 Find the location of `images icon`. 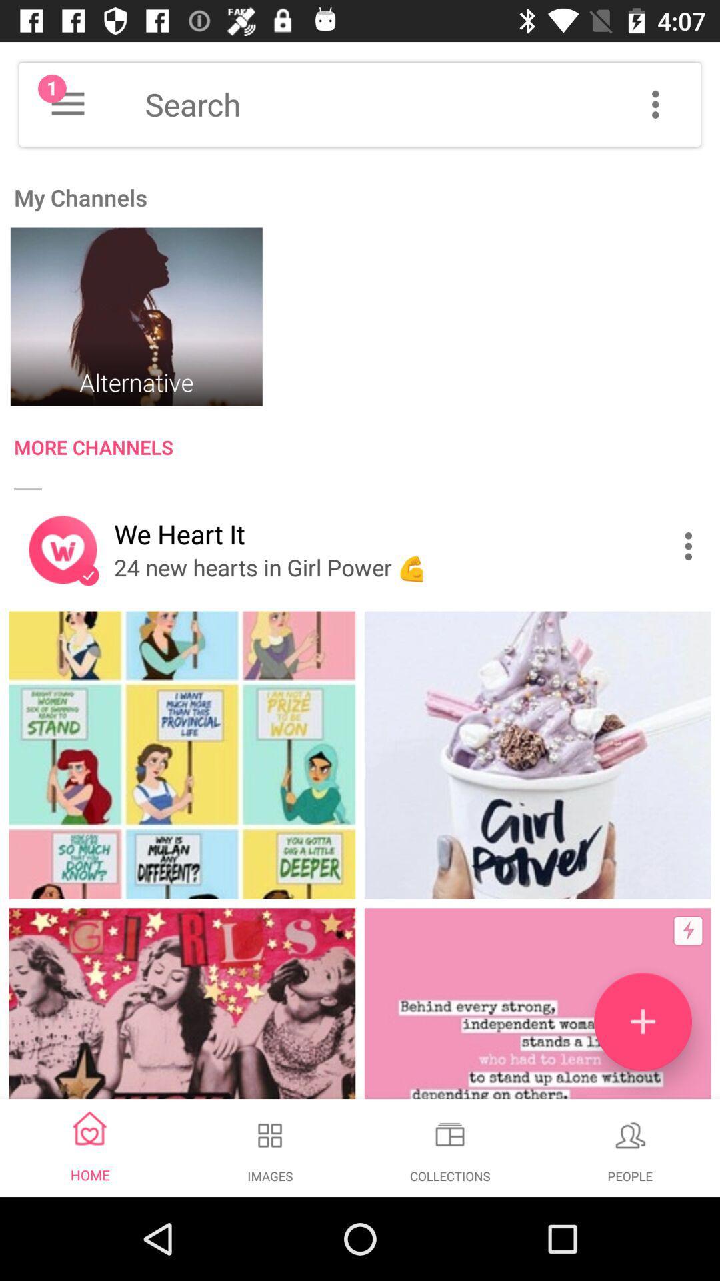

images icon is located at coordinates (270, 1134).